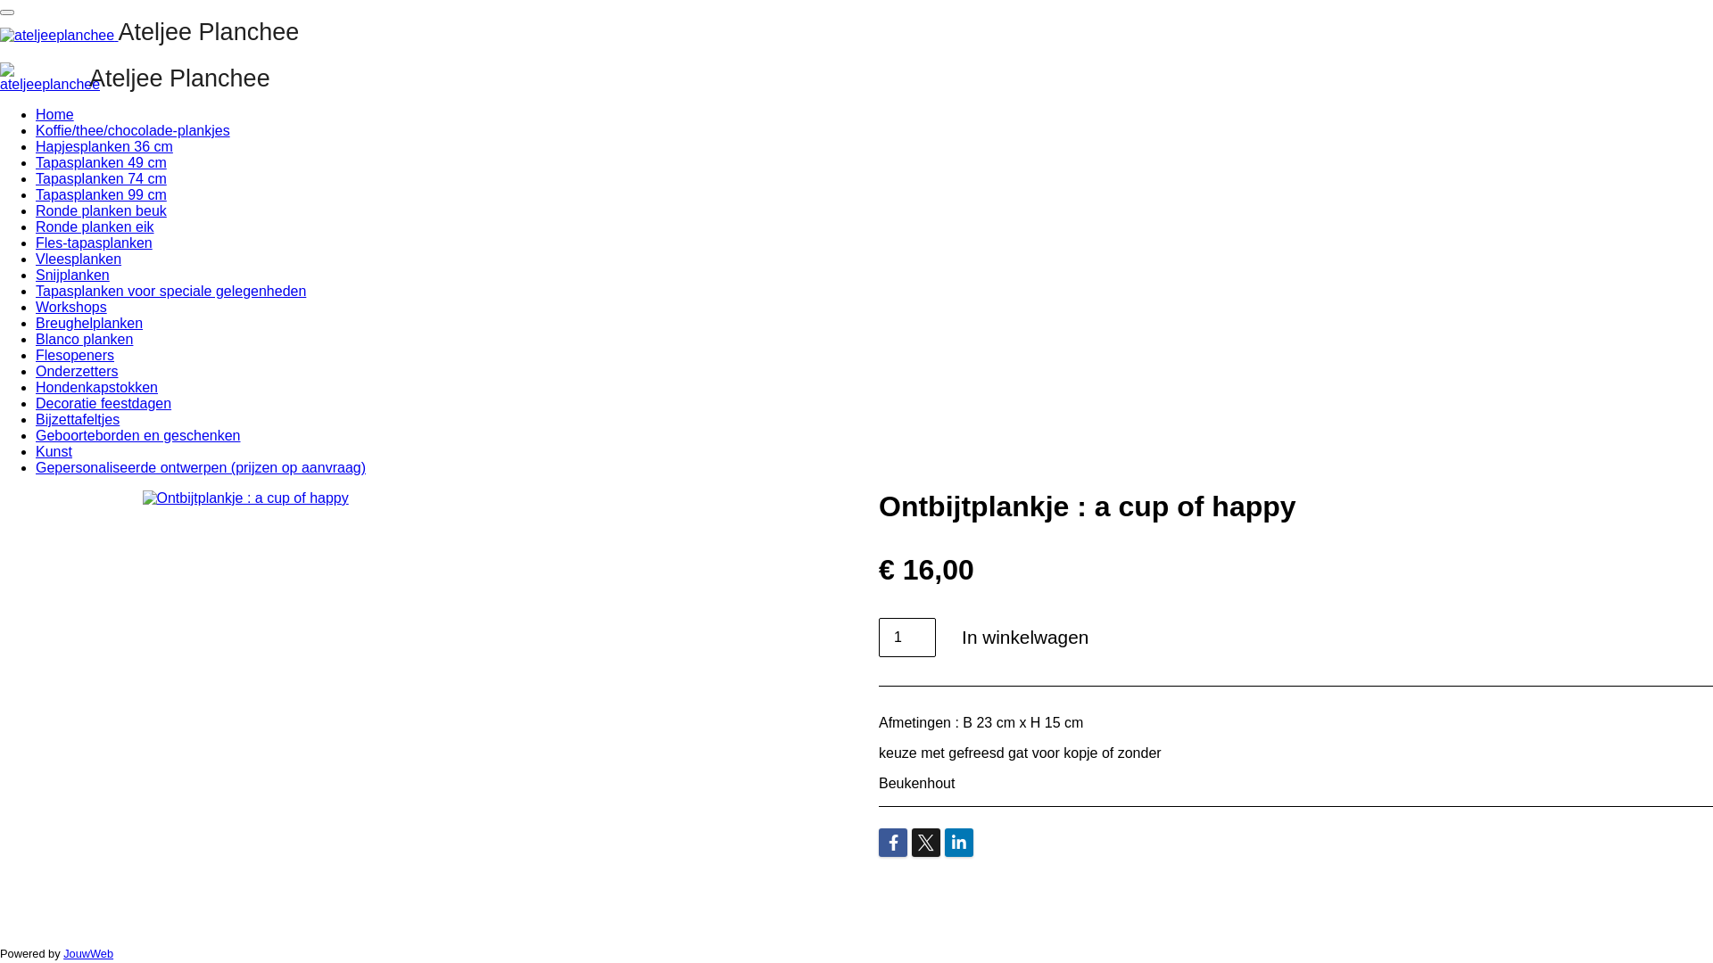 The image size is (1713, 963). Describe the element at coordinates (35, 339) in the screenshot. I see `'Blanco planken'` at that location.